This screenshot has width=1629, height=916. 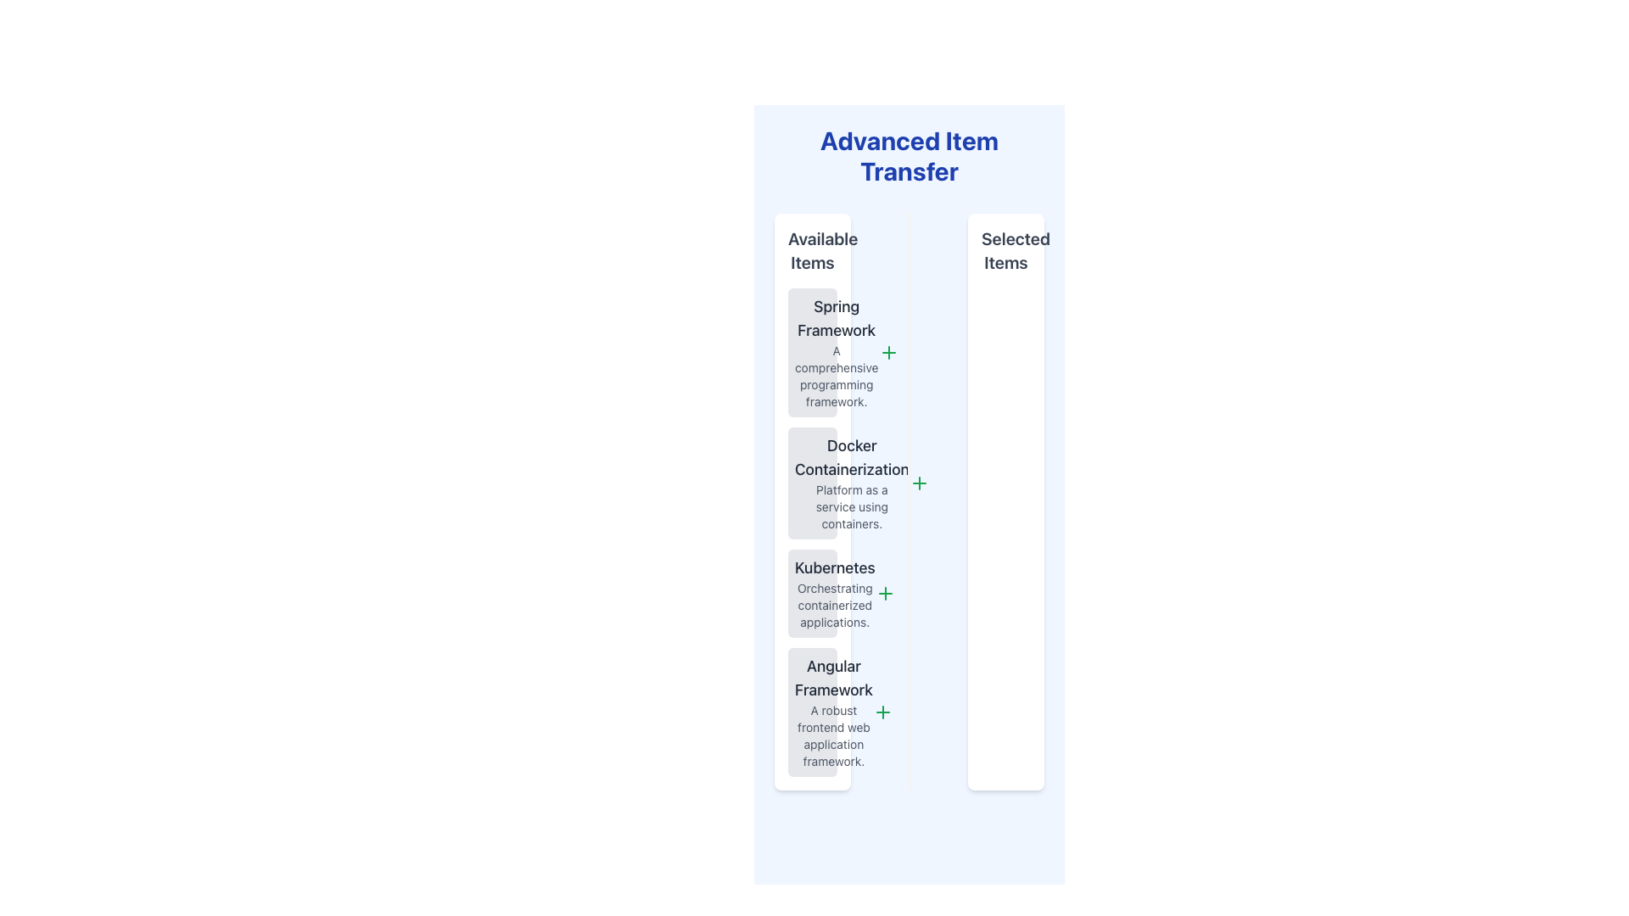 I want to click on the green plus symbol button located on the right side of the 'Kubernetes Orchestrating containerized applications.' row to change its appearance, so click(x=884, y=592).